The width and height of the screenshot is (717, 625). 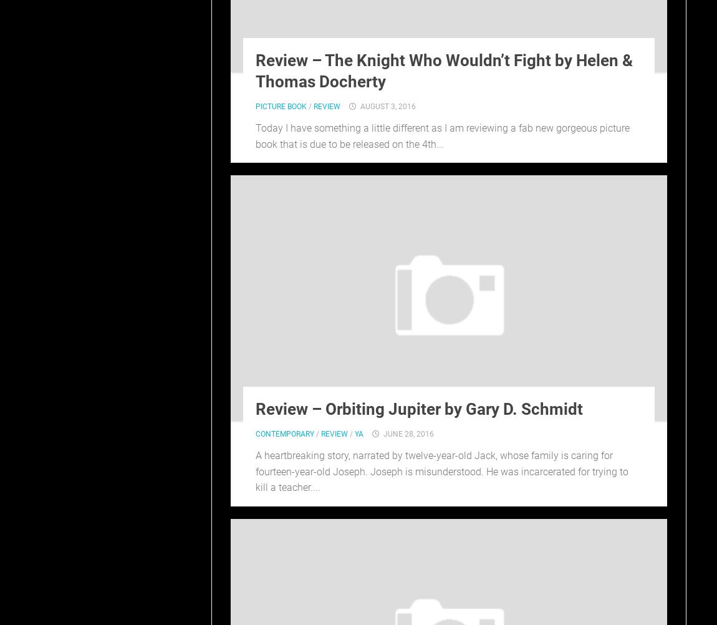 I want to click on 'Contemporary', so click(x=255, y=434).